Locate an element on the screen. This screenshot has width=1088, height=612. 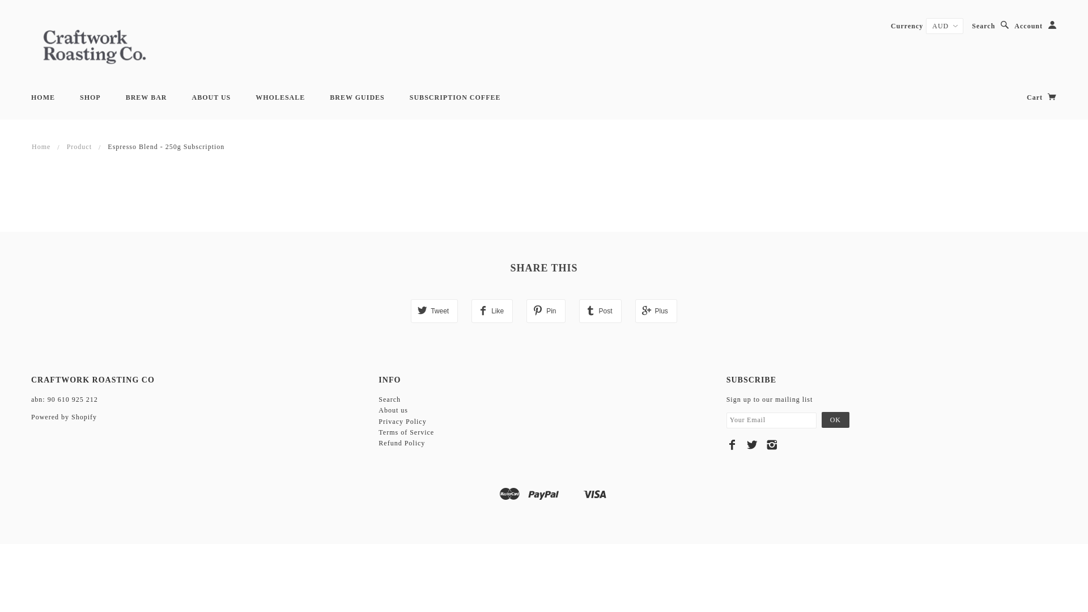
'Craftwork Roasting Company' is located at coordinates (95, 45).